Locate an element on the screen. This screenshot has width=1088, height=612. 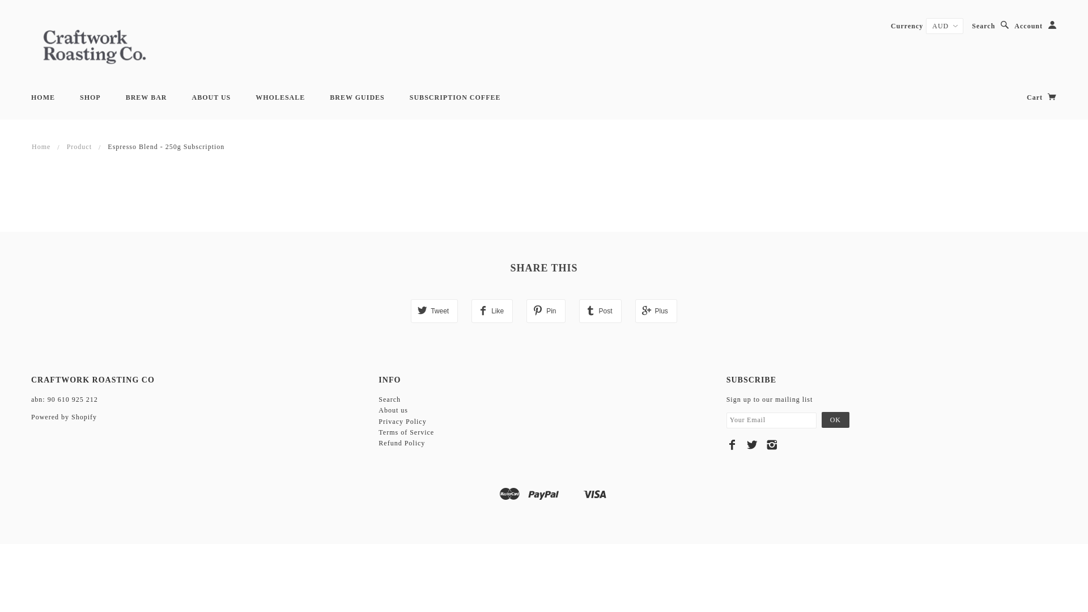
'Craftwork Roasting Company' is located at coordinates (95, 45).